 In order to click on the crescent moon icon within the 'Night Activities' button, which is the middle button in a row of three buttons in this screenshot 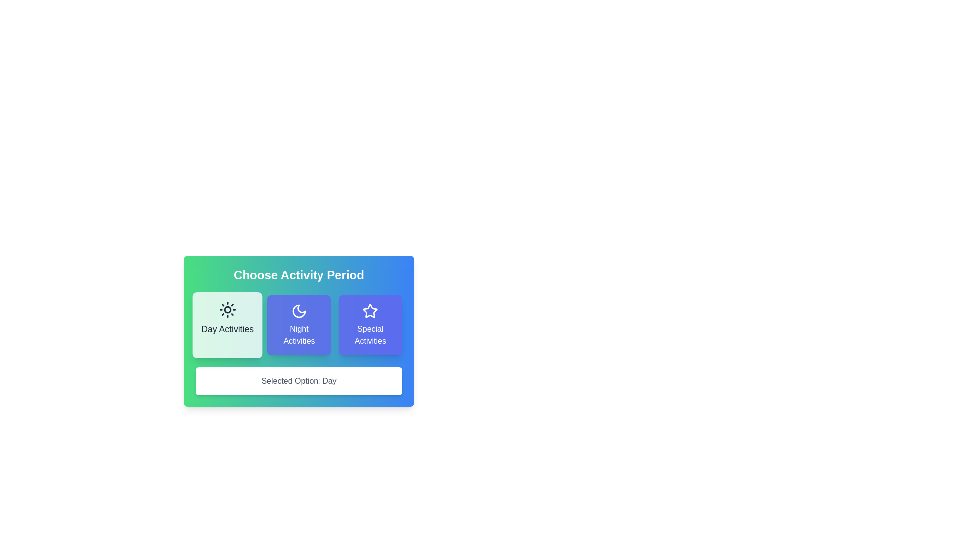, I will do `click(299, 310)`.